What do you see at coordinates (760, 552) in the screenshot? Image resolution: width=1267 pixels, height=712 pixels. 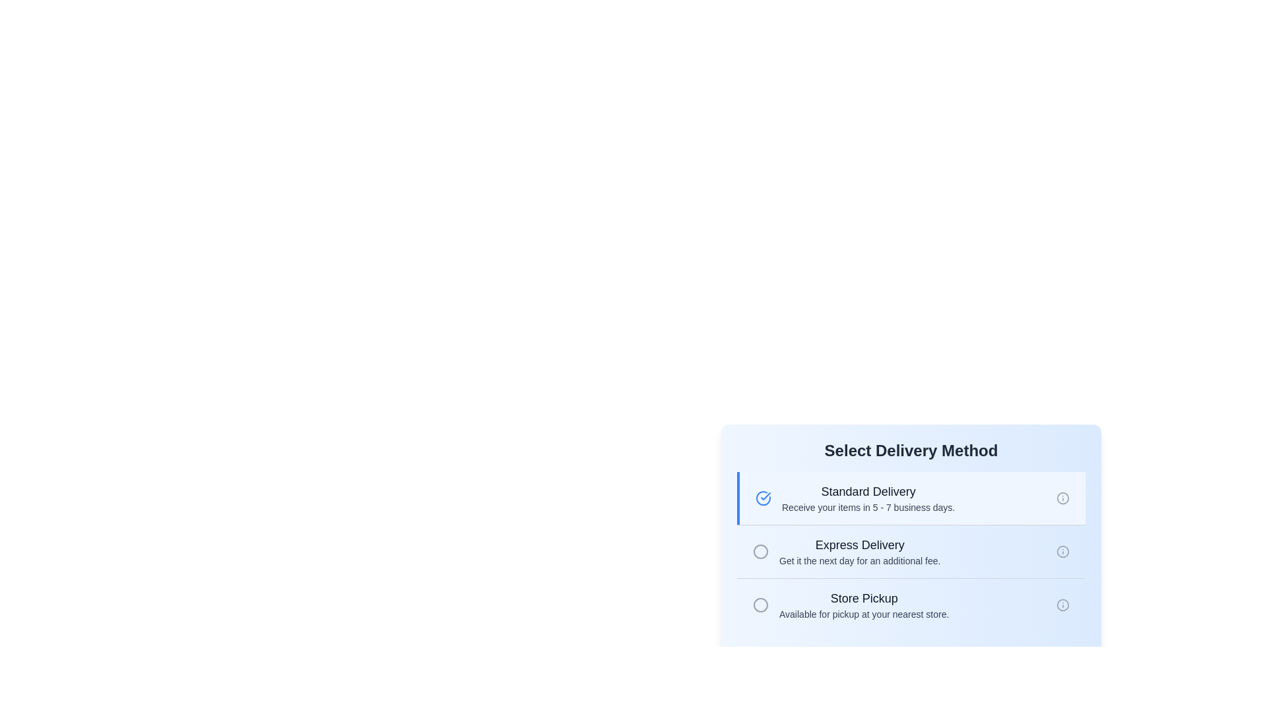 I see `the Radio button that serves as a selection indicator for the 'Express Delivery' option` at bounding box center [760, 552].